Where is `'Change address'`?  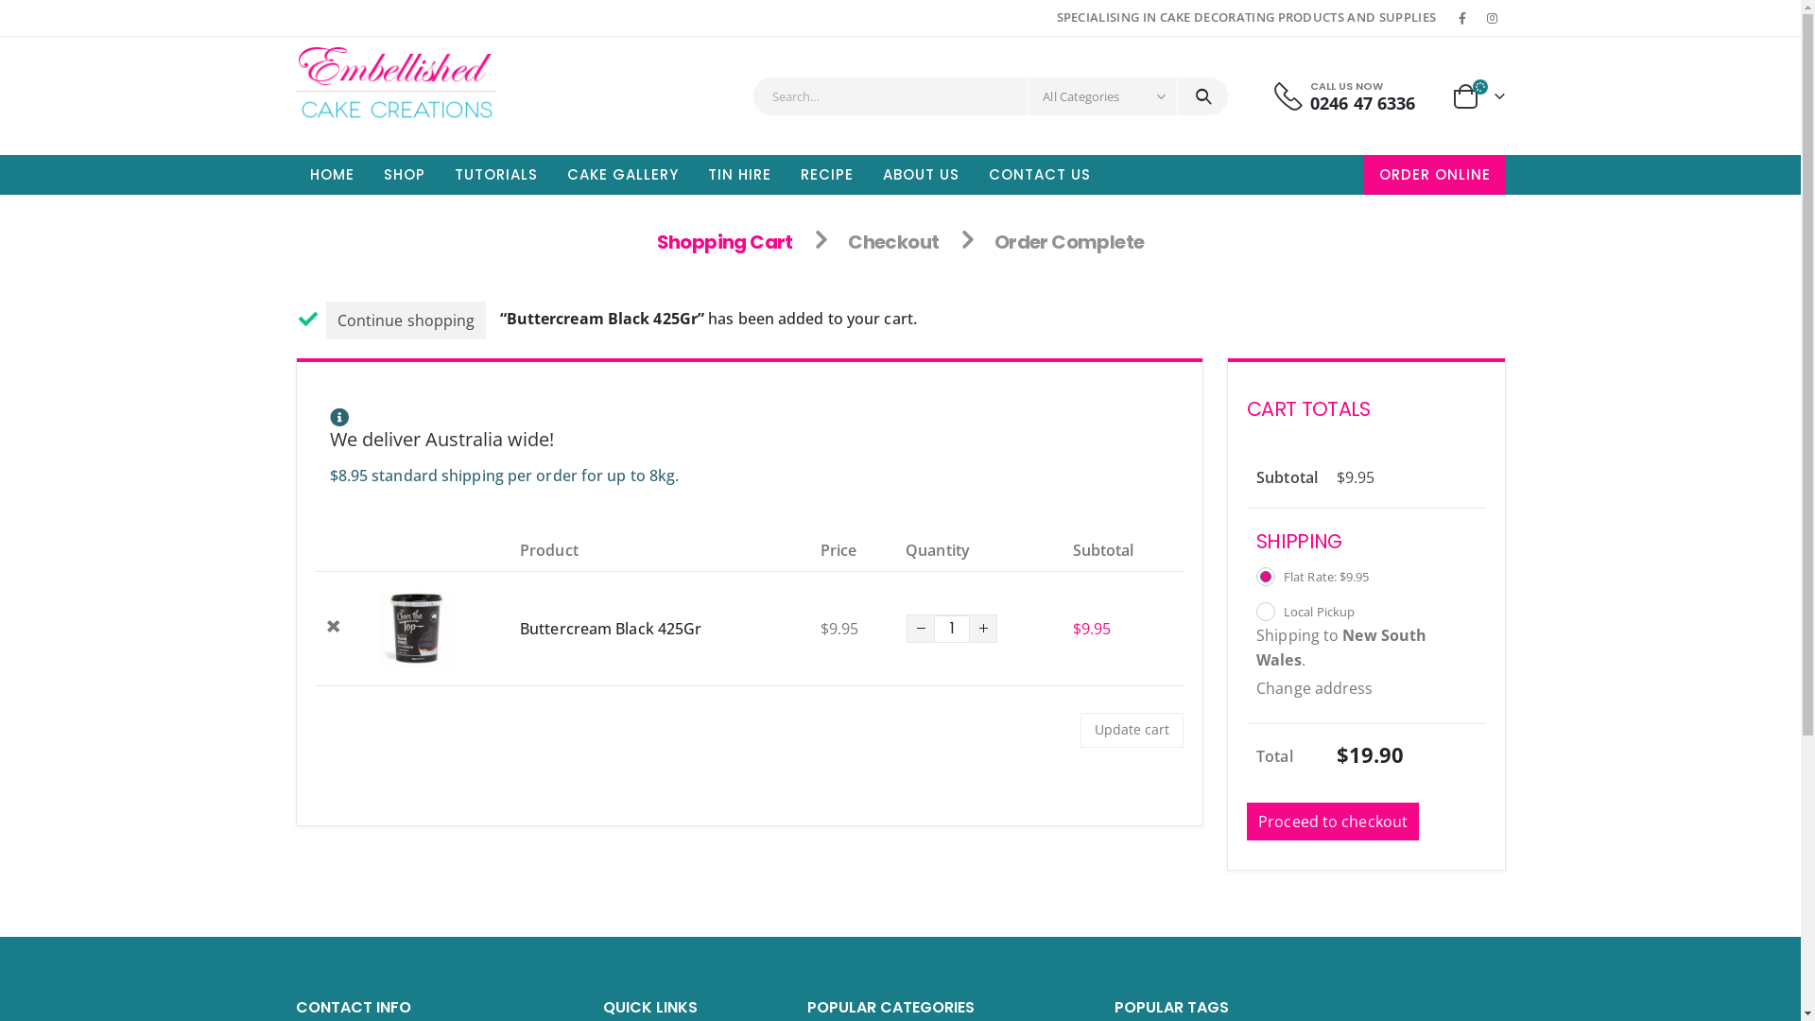 'Change address' is located at coordinates (1256, 688).